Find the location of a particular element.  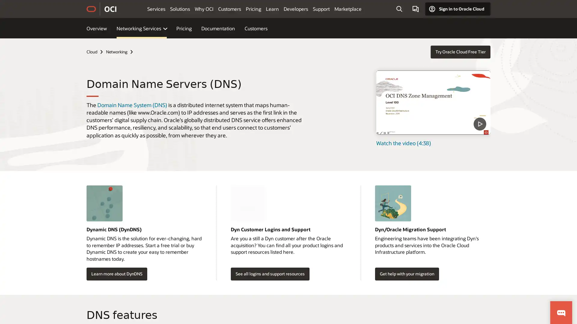

DNS Zone Management - Level 100 - Part 1 - What is DNS video is located at coordinates (433, 102).